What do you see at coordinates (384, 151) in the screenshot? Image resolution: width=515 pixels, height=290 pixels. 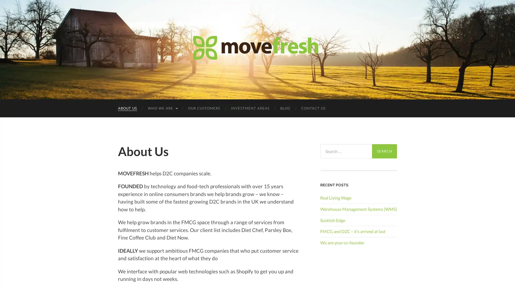 I see `Search` at bounding box center [384, 151].